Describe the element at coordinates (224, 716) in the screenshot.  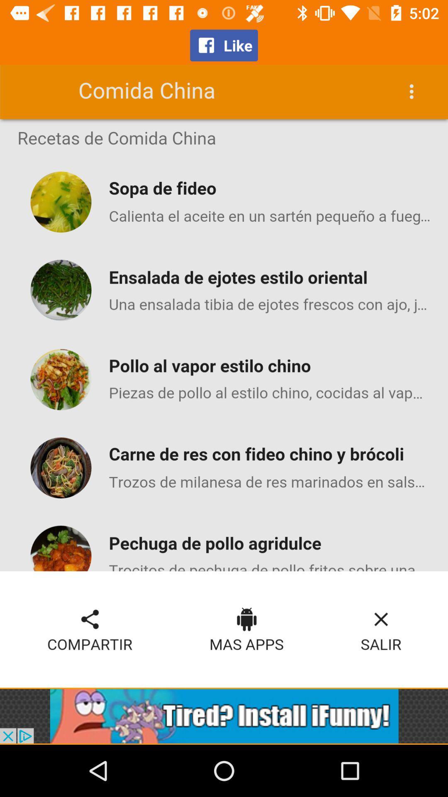
I see `try this app` at that location.